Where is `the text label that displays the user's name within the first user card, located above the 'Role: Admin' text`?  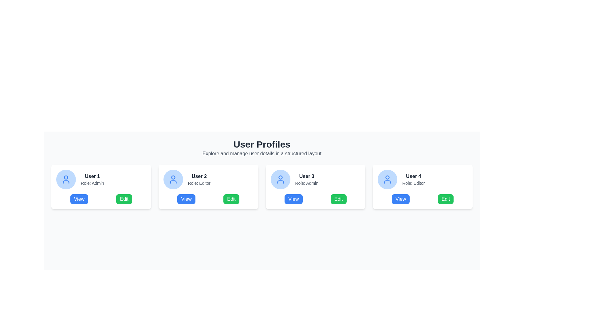
the text label that displays the user's name within the first user card, located above the 'Role: Admin' text is located at coordinates (92, 176).